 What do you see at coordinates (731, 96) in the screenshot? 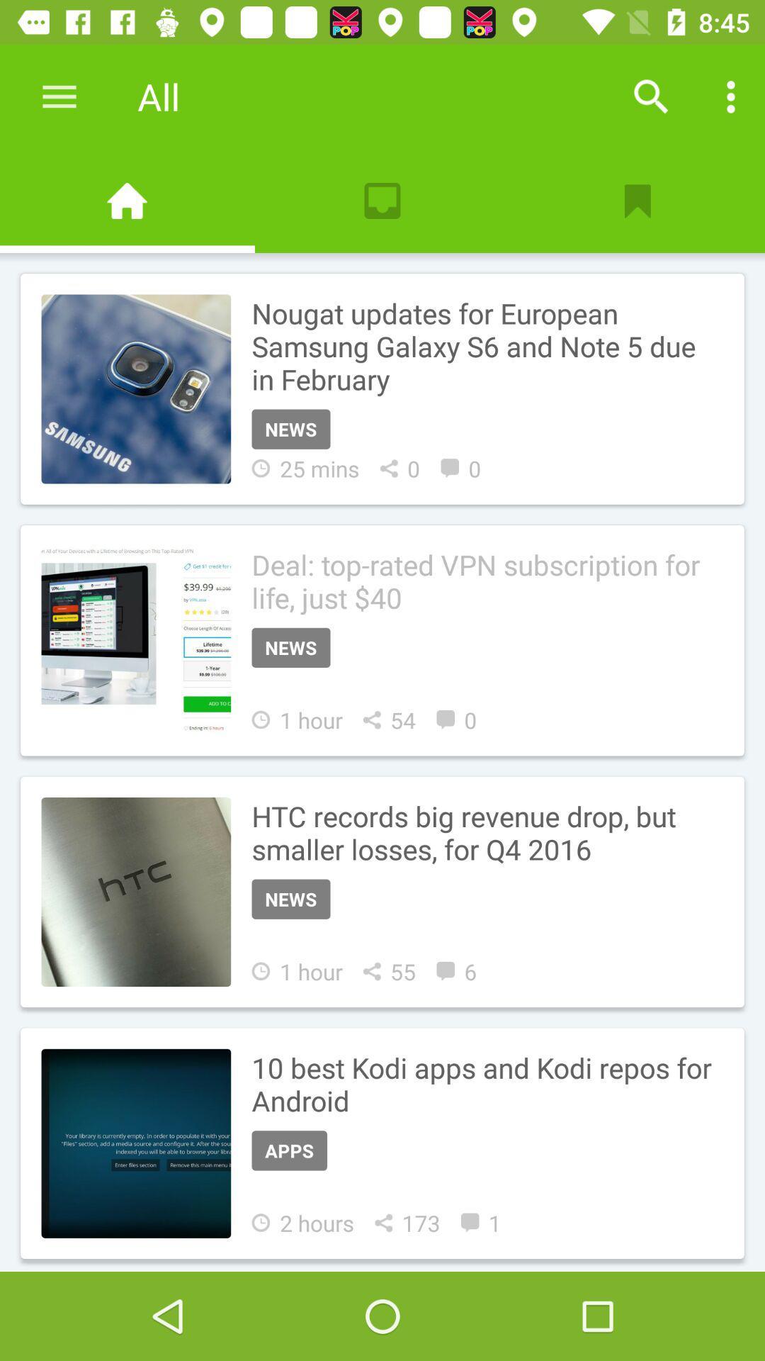
I see `check settings` at bounding box center [731, 96].